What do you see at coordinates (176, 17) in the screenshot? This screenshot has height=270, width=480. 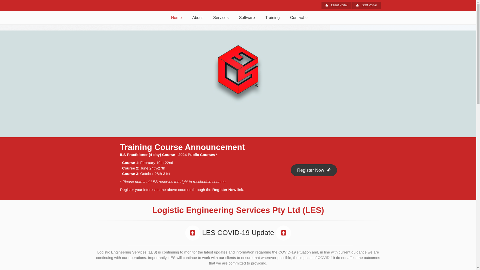 I see `'Home'` at bounding box center [176, 17].